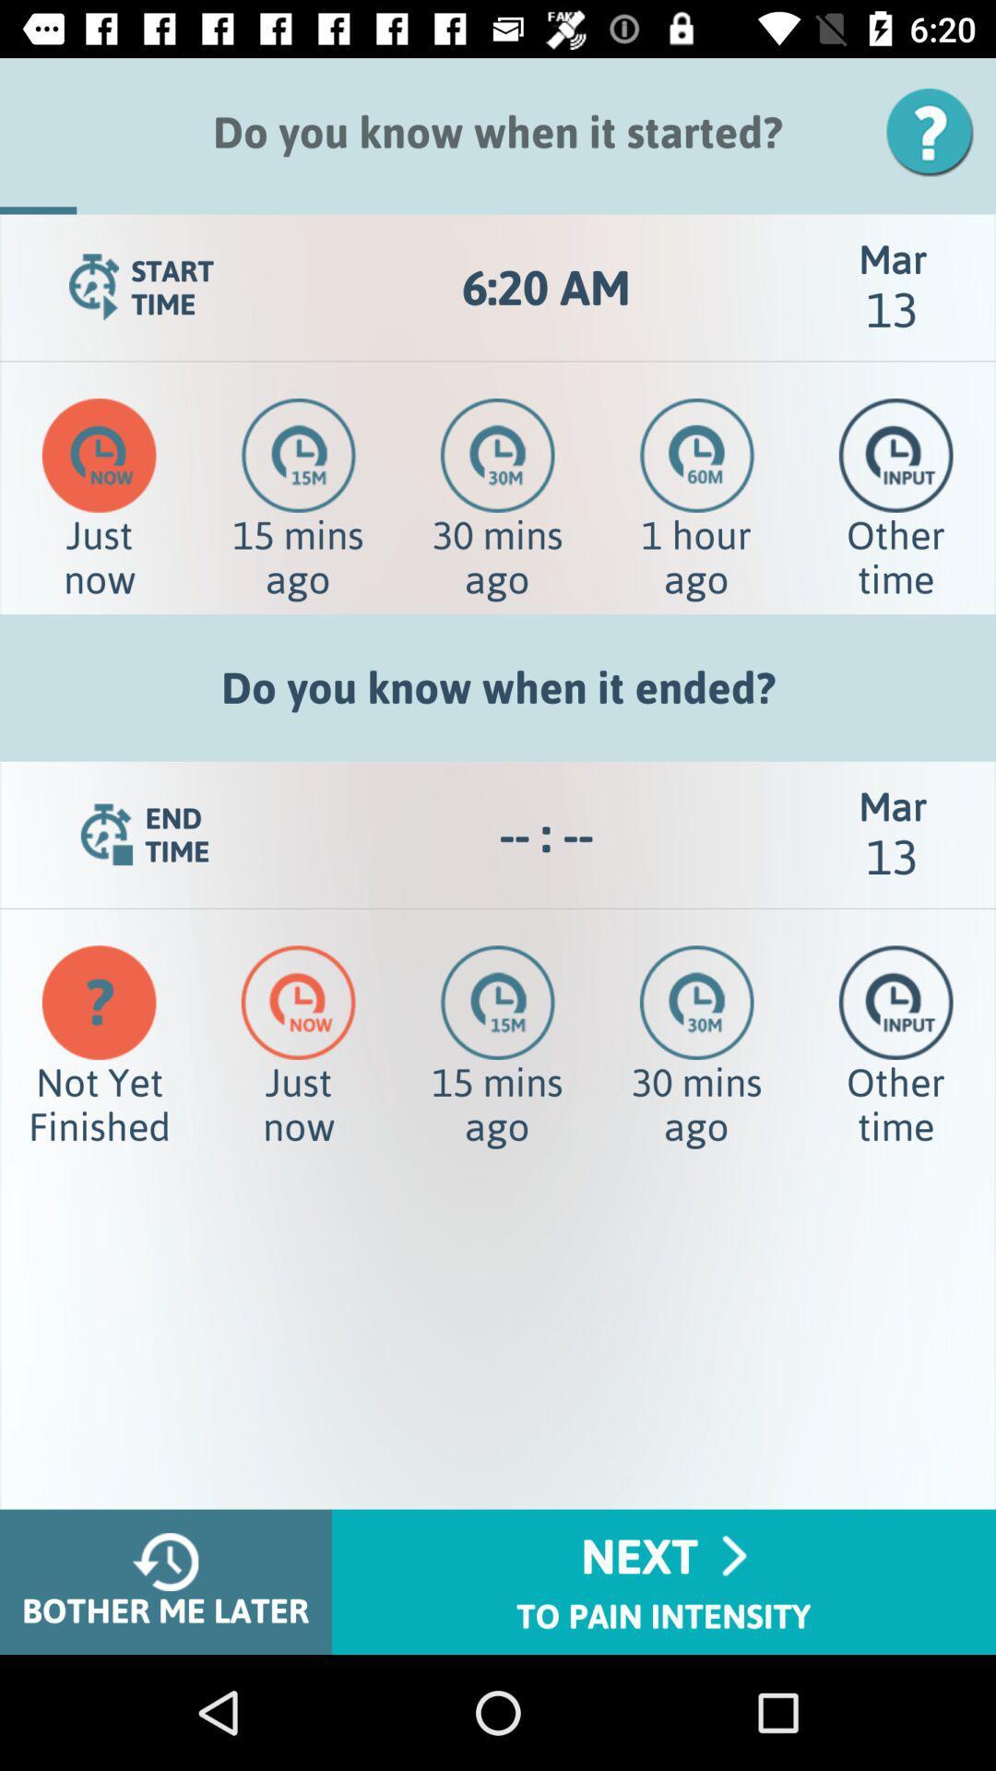  Describe the element at coordinates (545, 834) in the screenshot. I see `app next to the mar` at that location.